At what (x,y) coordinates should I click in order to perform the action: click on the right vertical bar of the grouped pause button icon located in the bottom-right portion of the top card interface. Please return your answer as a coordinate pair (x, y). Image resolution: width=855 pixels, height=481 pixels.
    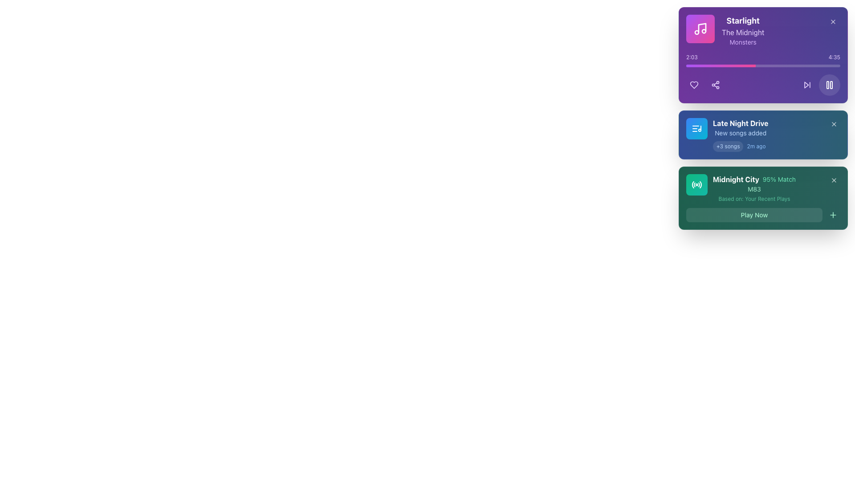
    Looking at the image, I should click on (831, 85).